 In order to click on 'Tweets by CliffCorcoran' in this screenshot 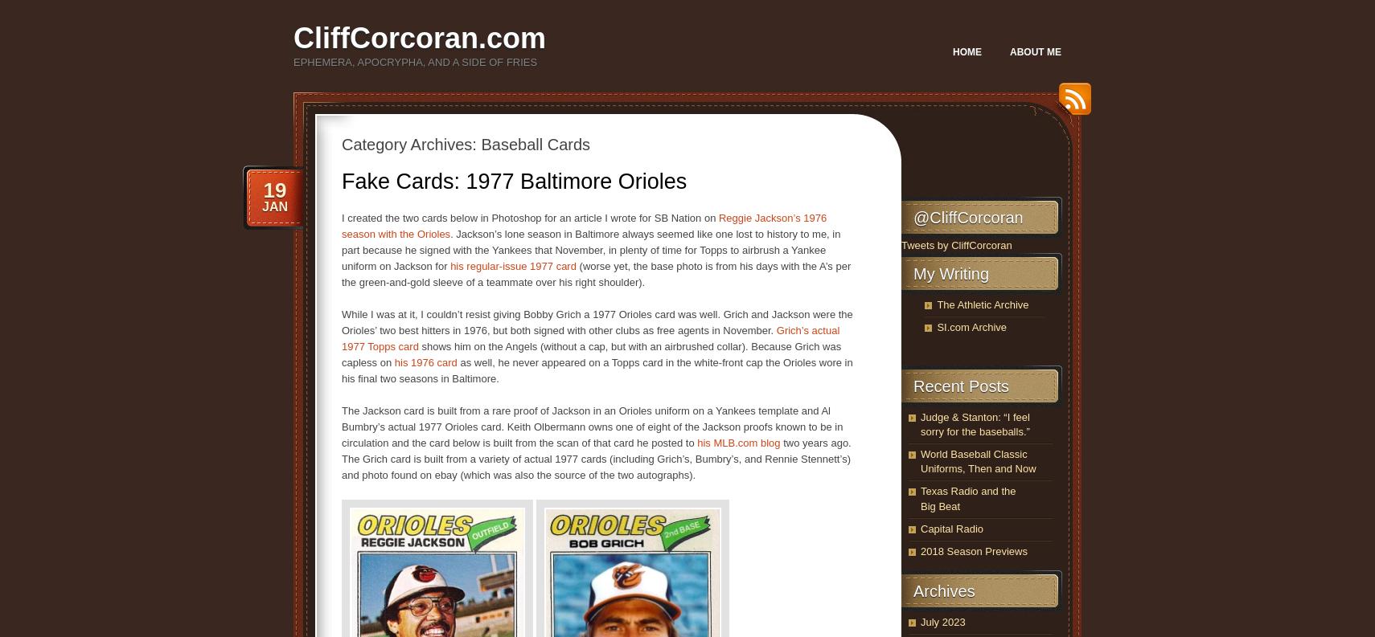, I will do `click(901, 244)`.